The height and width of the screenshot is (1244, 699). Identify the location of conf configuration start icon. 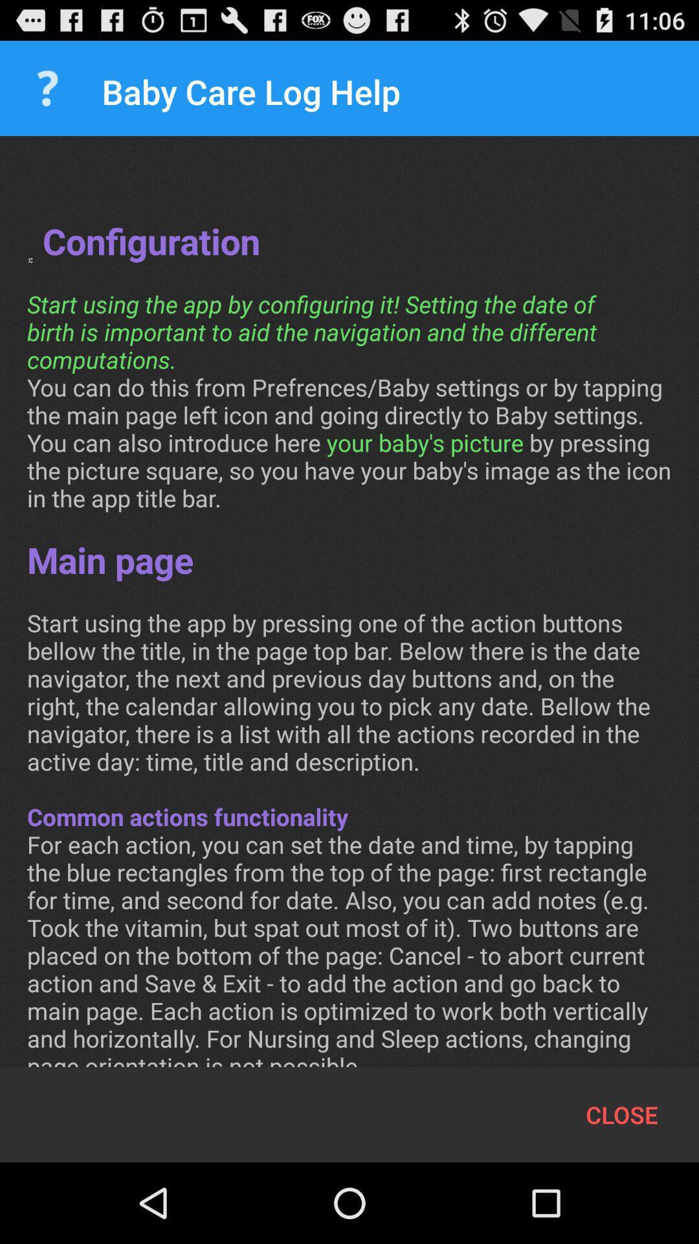
(349, 614).